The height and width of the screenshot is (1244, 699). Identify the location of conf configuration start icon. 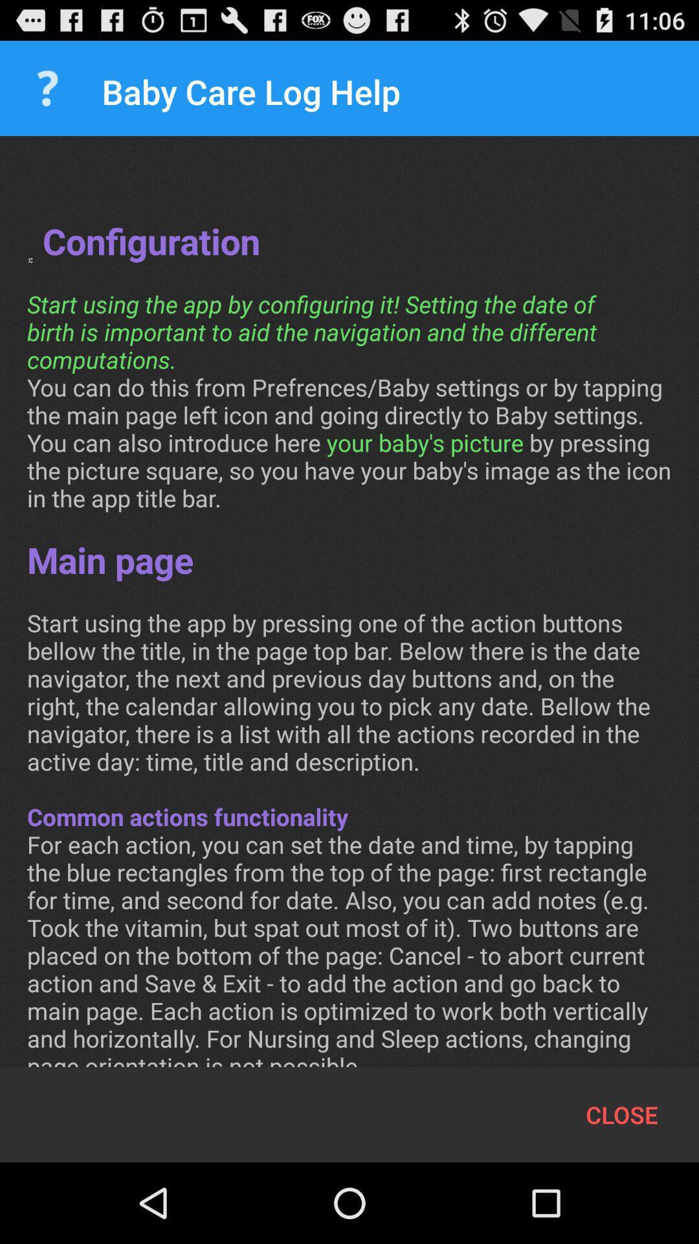
(349, 614).